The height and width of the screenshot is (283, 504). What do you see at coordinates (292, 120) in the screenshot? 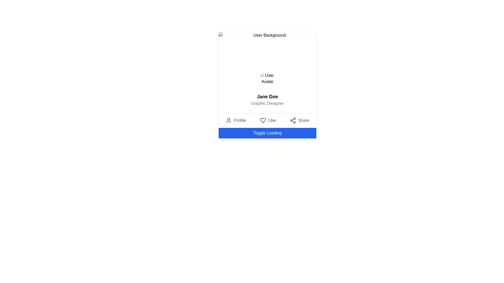
I see `the minimalist share icon button located at the bottom right corner of the UI card` at bounding box center [292, 120].